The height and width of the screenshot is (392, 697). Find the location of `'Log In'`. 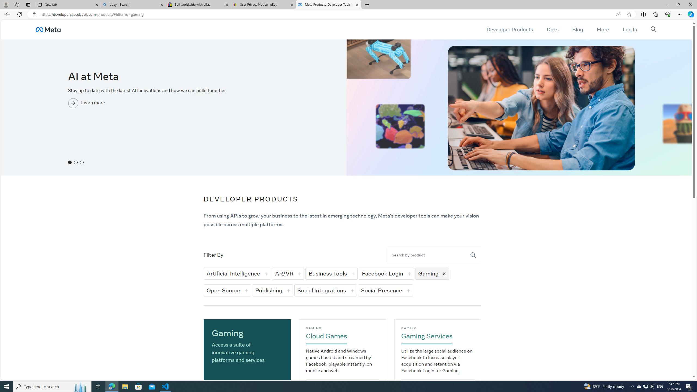

'Log In' is located at coordinates (629, 29).